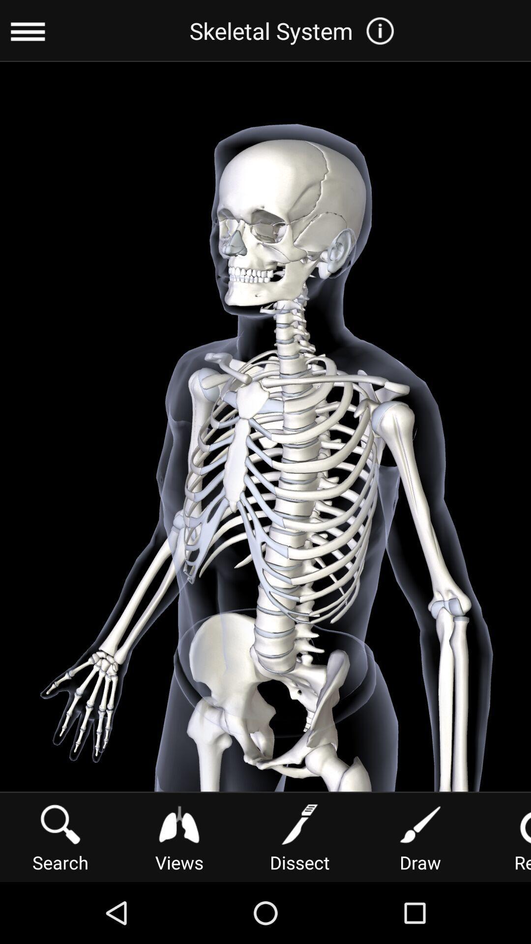  Describe the element at coordinates (420, 836) in the screenshot. I see `draw icon` at that location.